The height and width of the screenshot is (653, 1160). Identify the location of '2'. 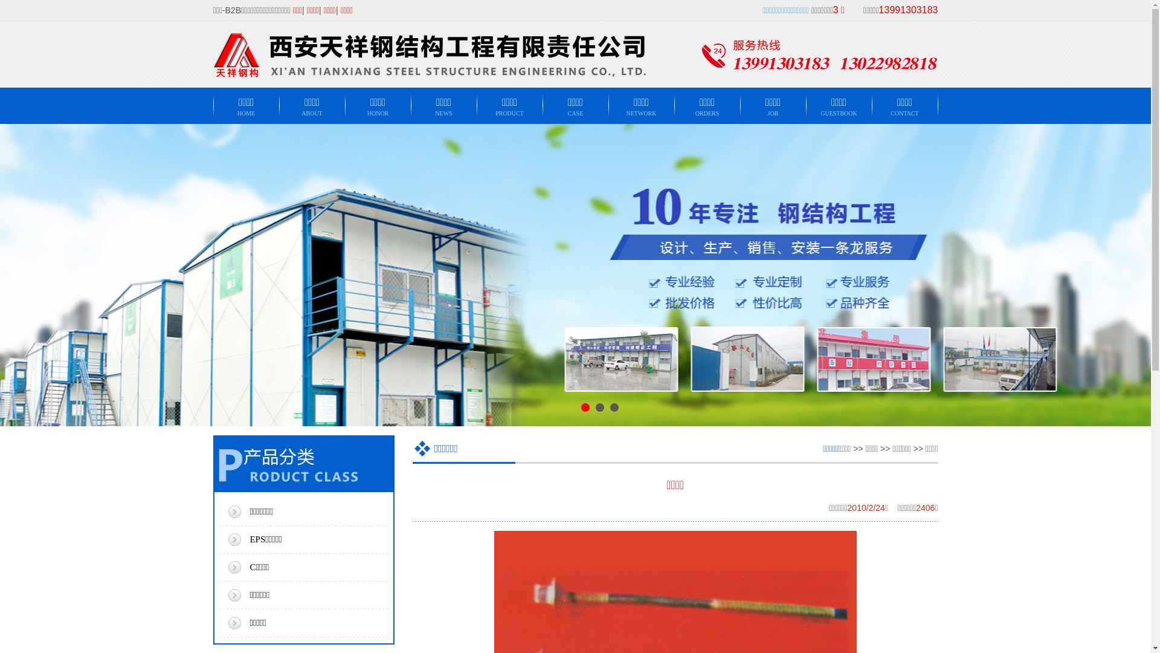
(595, 408).